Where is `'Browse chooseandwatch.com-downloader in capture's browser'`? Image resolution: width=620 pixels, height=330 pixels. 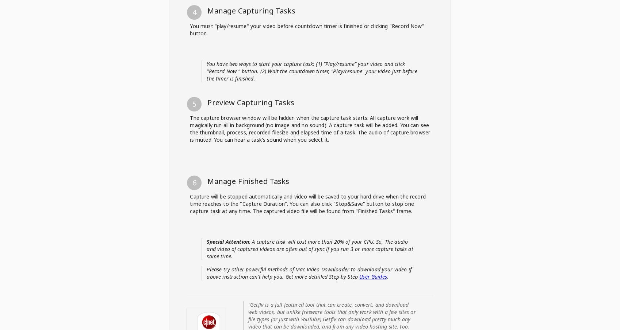
'Browse chooseandwatch.com-downloader in capture's browser' is located at coordinates (319, 51).